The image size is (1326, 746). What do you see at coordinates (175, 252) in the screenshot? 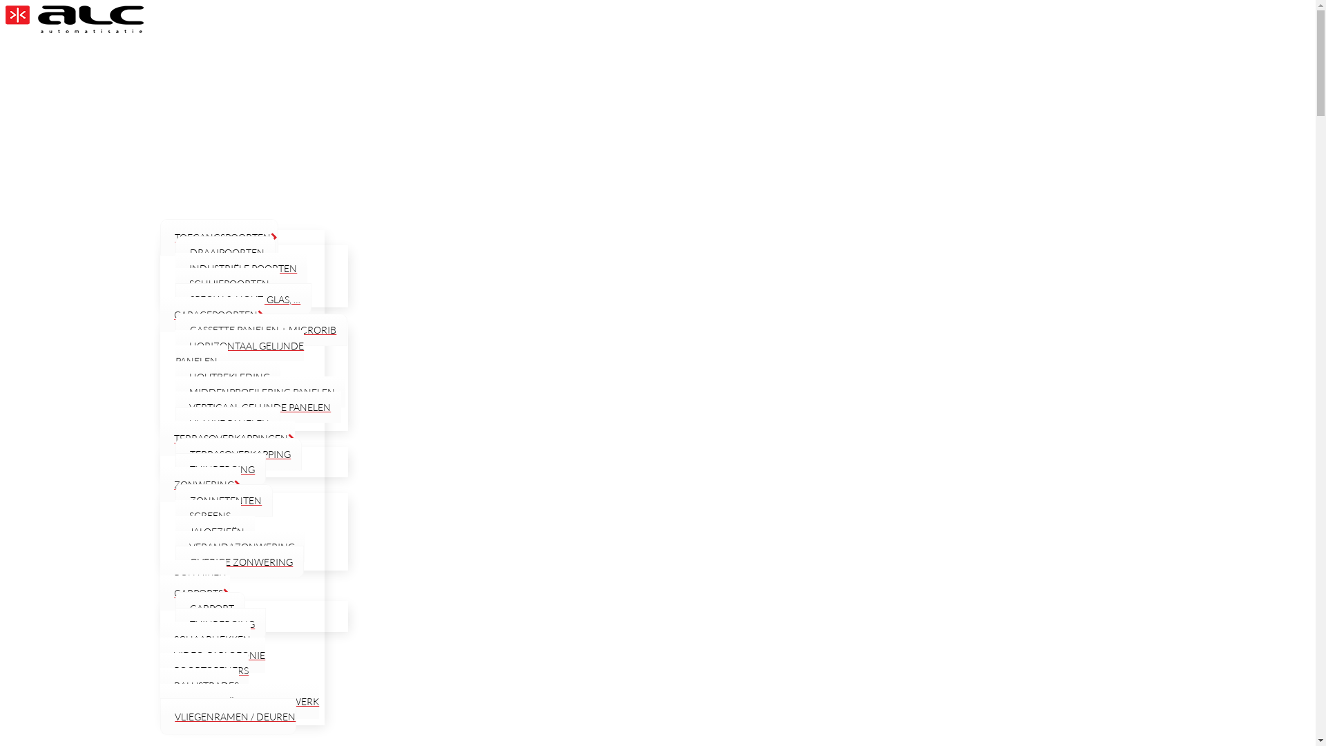
I see `'DRAAIPOORTEN'` at bounding box center [175, 252].